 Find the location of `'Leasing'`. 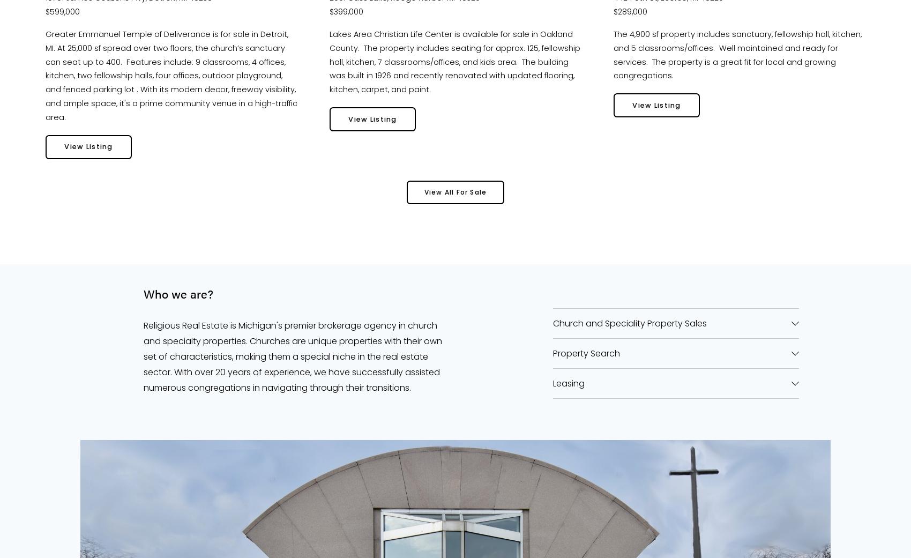

'Leasing' is located at coordinates (567, 382).